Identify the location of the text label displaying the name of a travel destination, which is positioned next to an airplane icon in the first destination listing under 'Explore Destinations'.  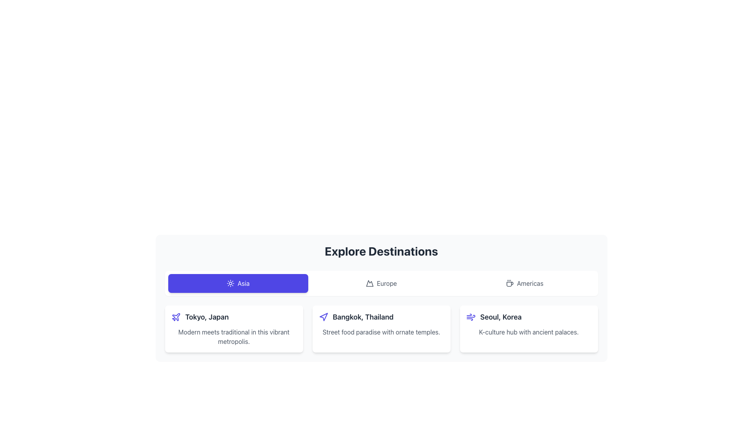
(207, 316).